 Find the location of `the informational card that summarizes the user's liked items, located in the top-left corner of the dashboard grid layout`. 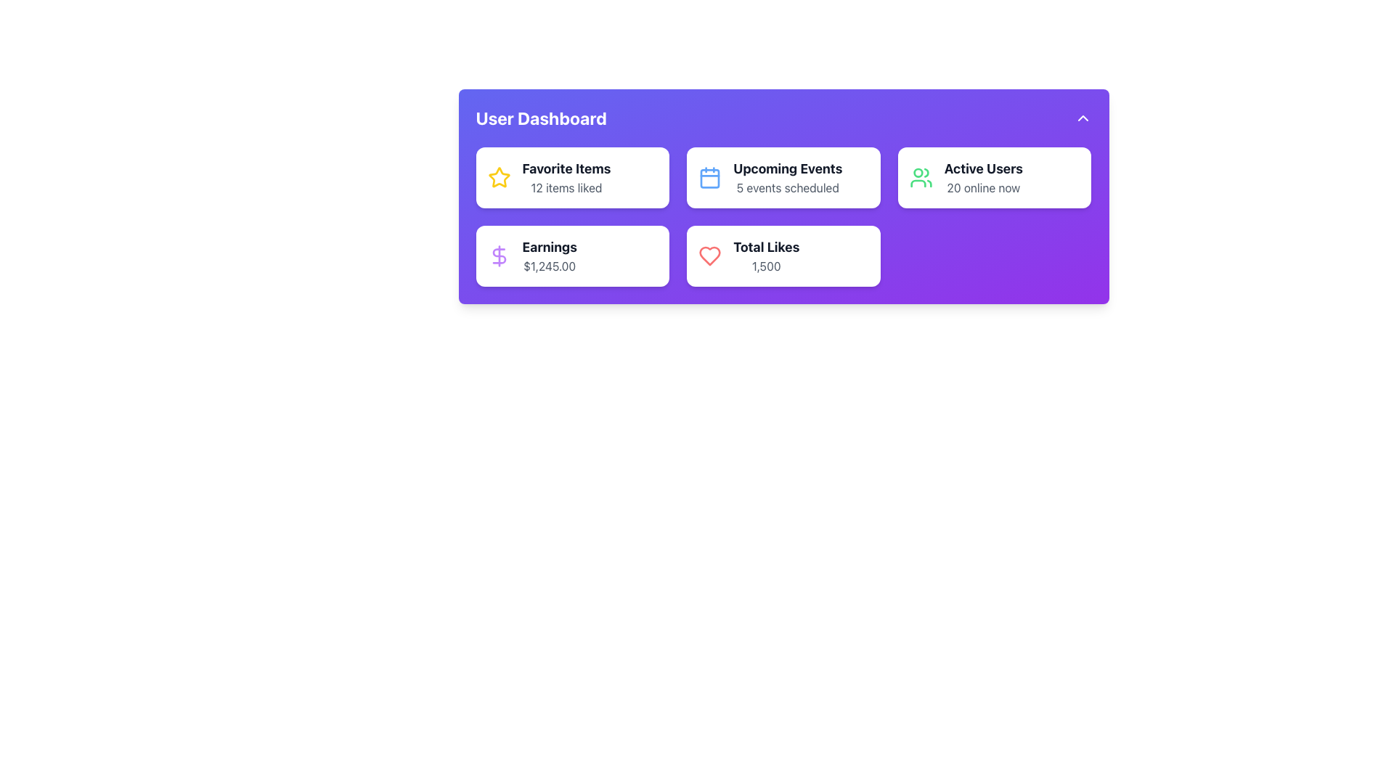

the informational card that summarizes the user's liked items, located in the top-left corner of the dashboard grid layout is located at coordinates (571, 177).